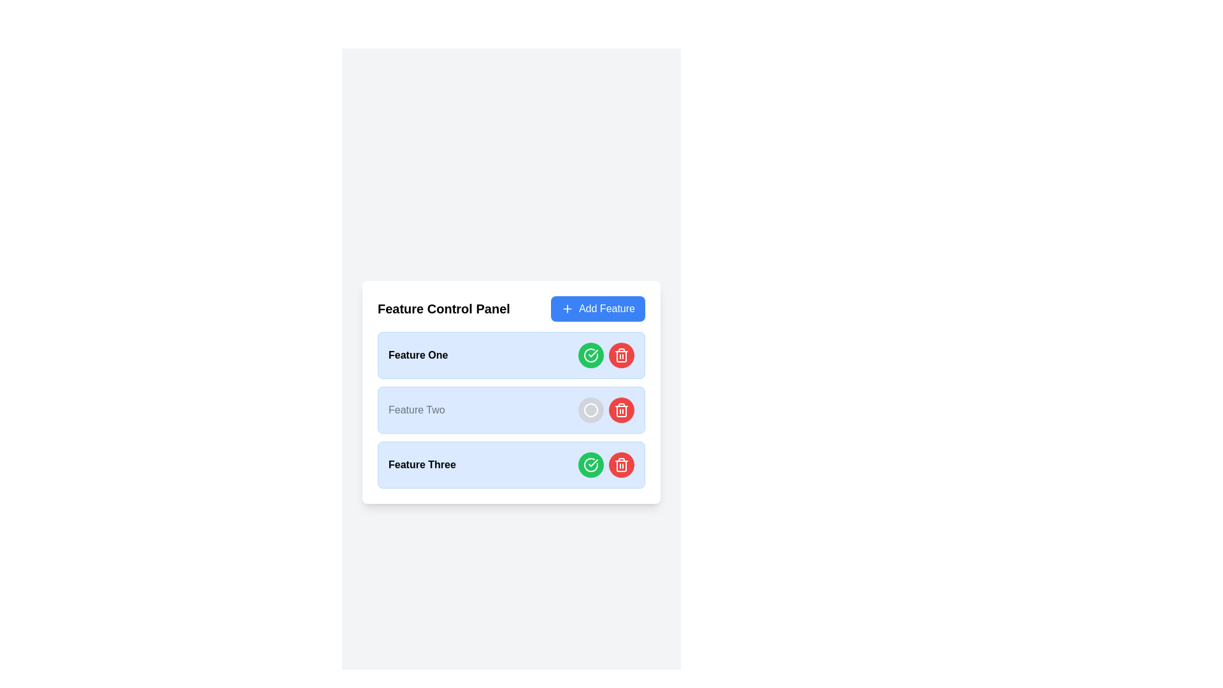 This screenshot has height=688, width=1223. What do you see at coordinates (590, 355) in the screenshot?
I see `the status represented by the icon indicating the completed or activated state of 'Feature Three', located in the third row of the control panel layout, next to a red circular button` at bounding box center [590, 355].